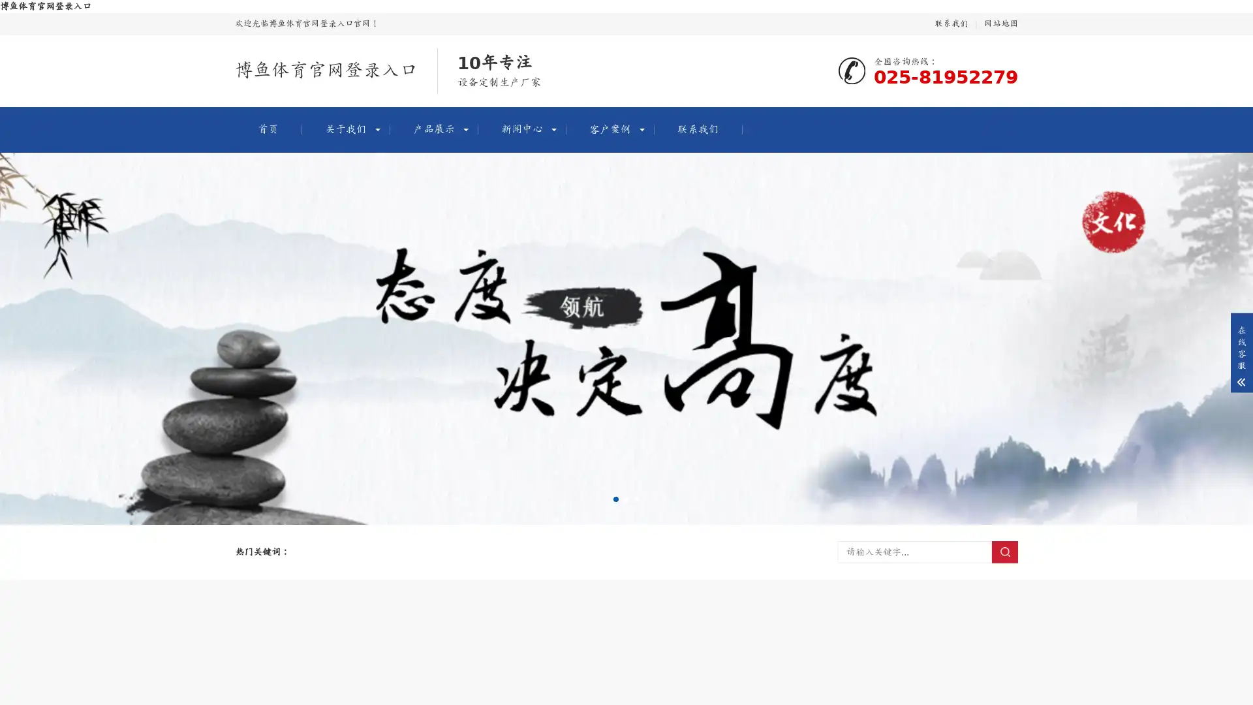 The height and width of the screenshot is (705, 1253). I want to click on Go to slide 2, so click(626, 499).